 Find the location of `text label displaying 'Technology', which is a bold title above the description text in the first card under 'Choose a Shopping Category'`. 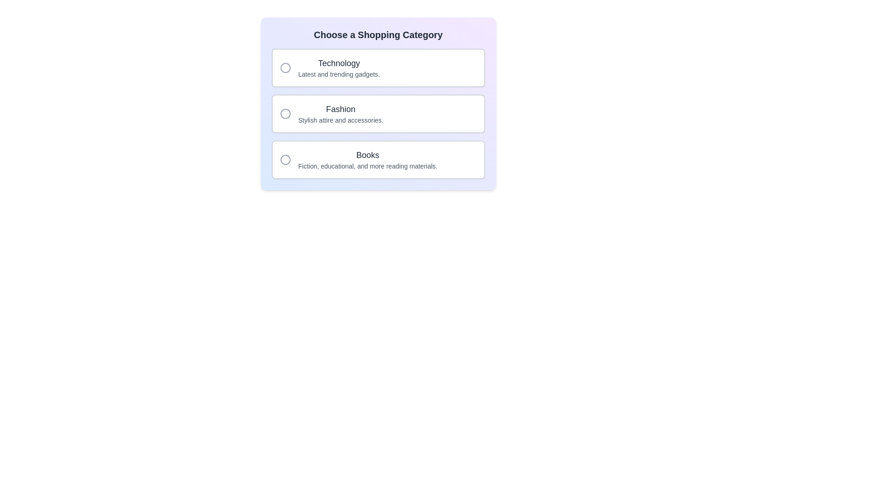

text label displaying 'Technology', which is a bold title above the description text in the first card under 'Choose a Shopping Category' is located at coordinates (338, 63).